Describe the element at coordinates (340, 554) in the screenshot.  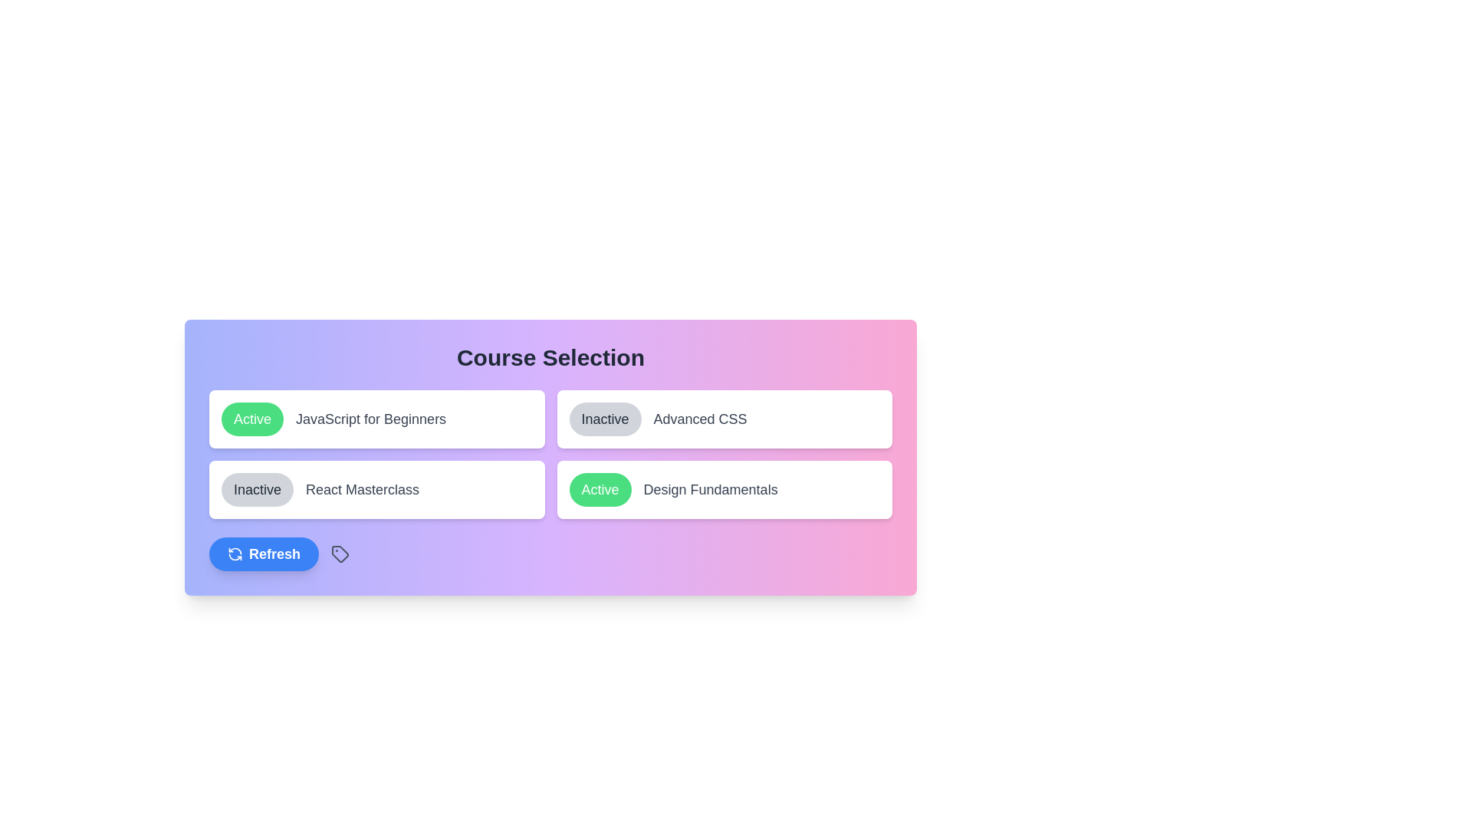
I see `the tag icon located to the right of the blue 'Refresh' button in the bottom section of the layout` at that location.